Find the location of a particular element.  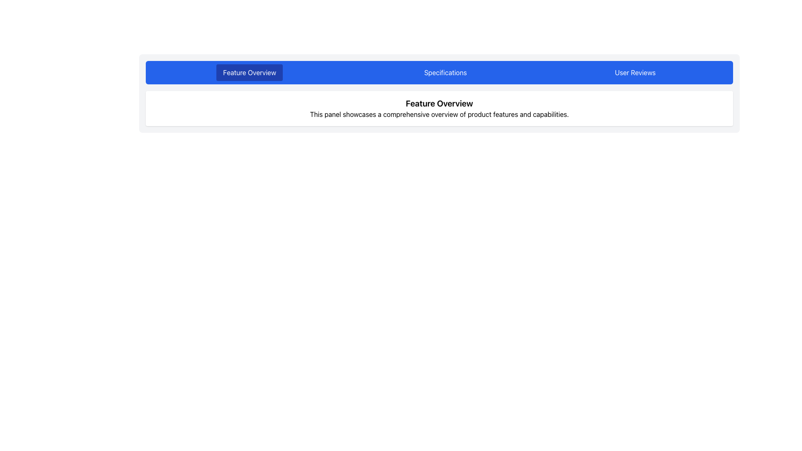

the Text block that contains the bold title 'Feature Overview' and the paragraph description about product features, located in the center of a white panel below the blue navigation bar is located at coordinates (439, 108).